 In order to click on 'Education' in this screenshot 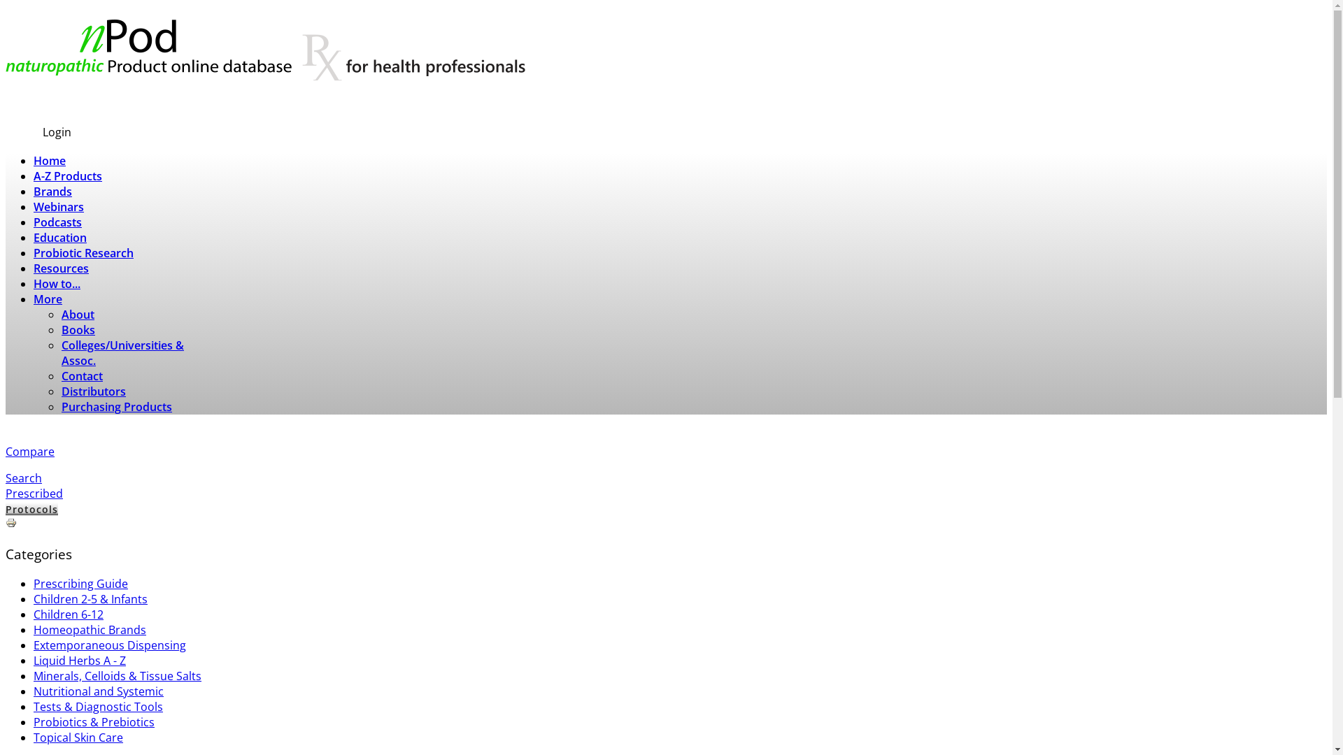, I will do `click(59, 236)`.